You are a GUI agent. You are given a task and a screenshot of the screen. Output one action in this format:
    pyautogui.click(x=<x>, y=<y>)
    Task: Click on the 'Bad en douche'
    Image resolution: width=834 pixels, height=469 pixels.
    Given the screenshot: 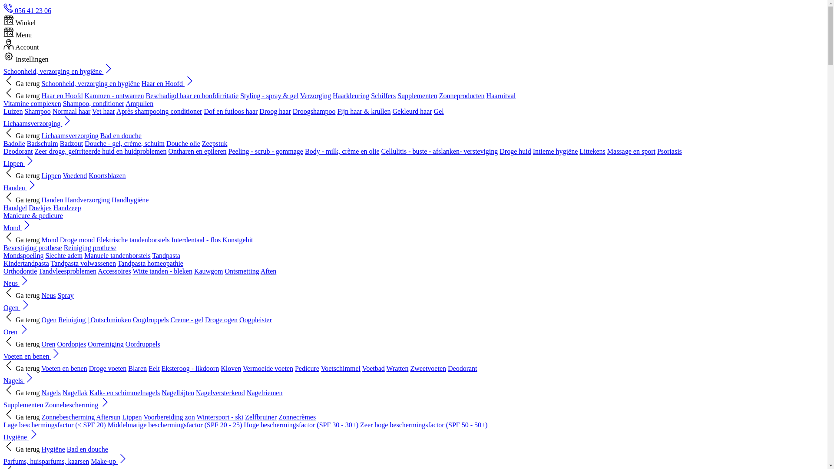 What is the action you would take?
    pyautogui.click(x=120, y=135)
    